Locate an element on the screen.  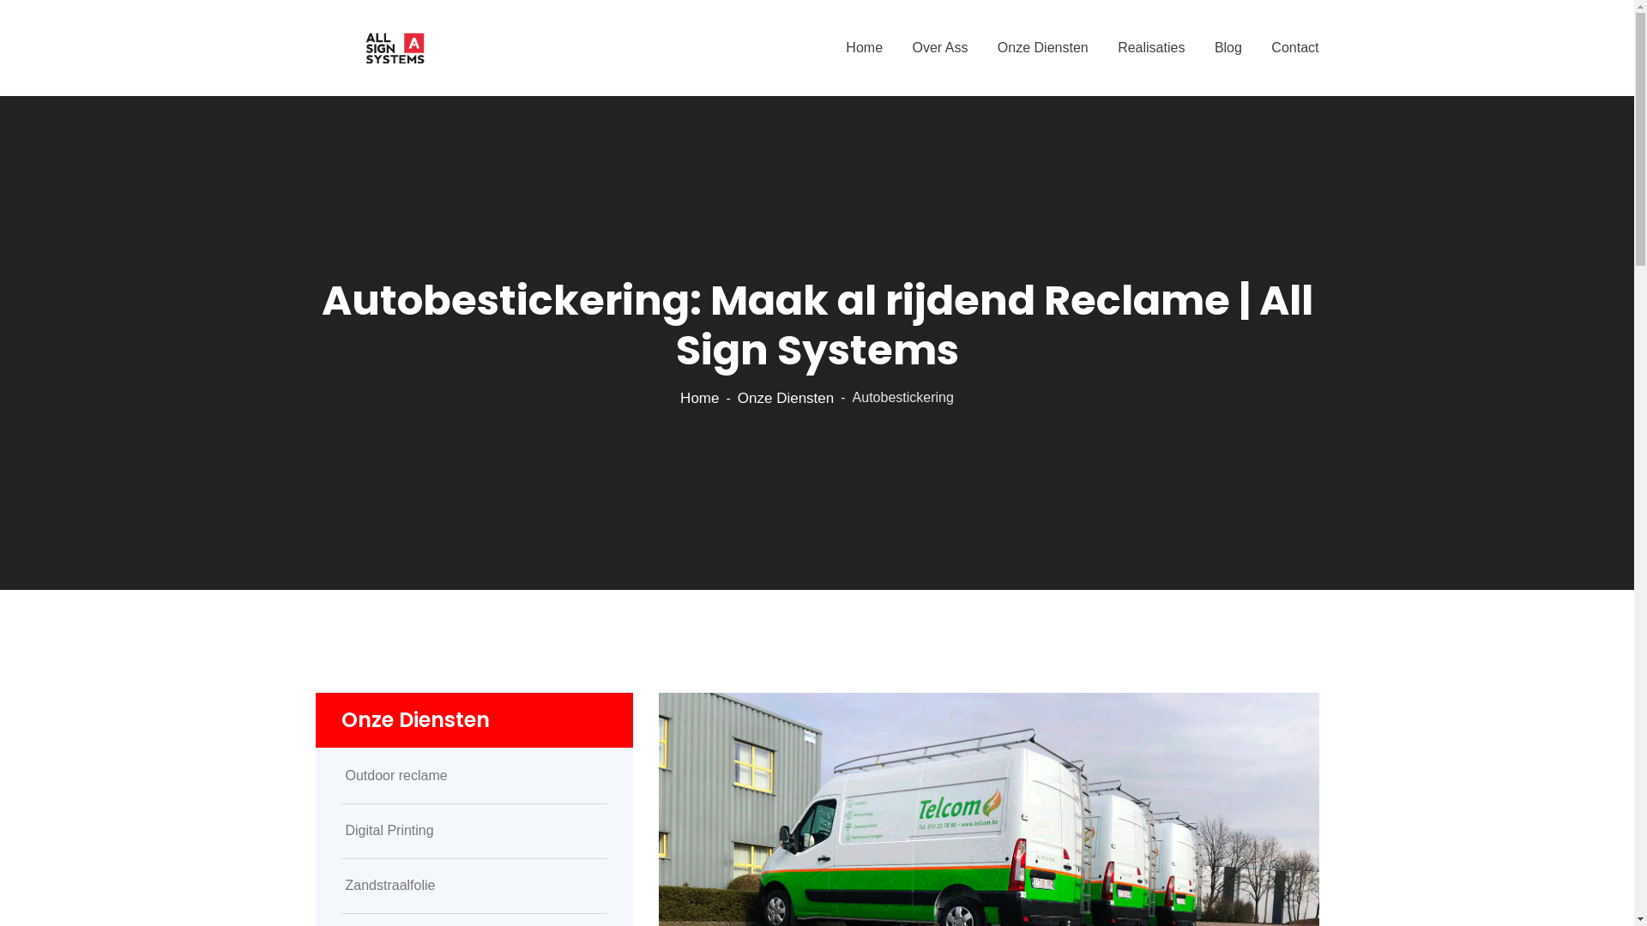
'Contact' is located at coordinates (1294, 47).